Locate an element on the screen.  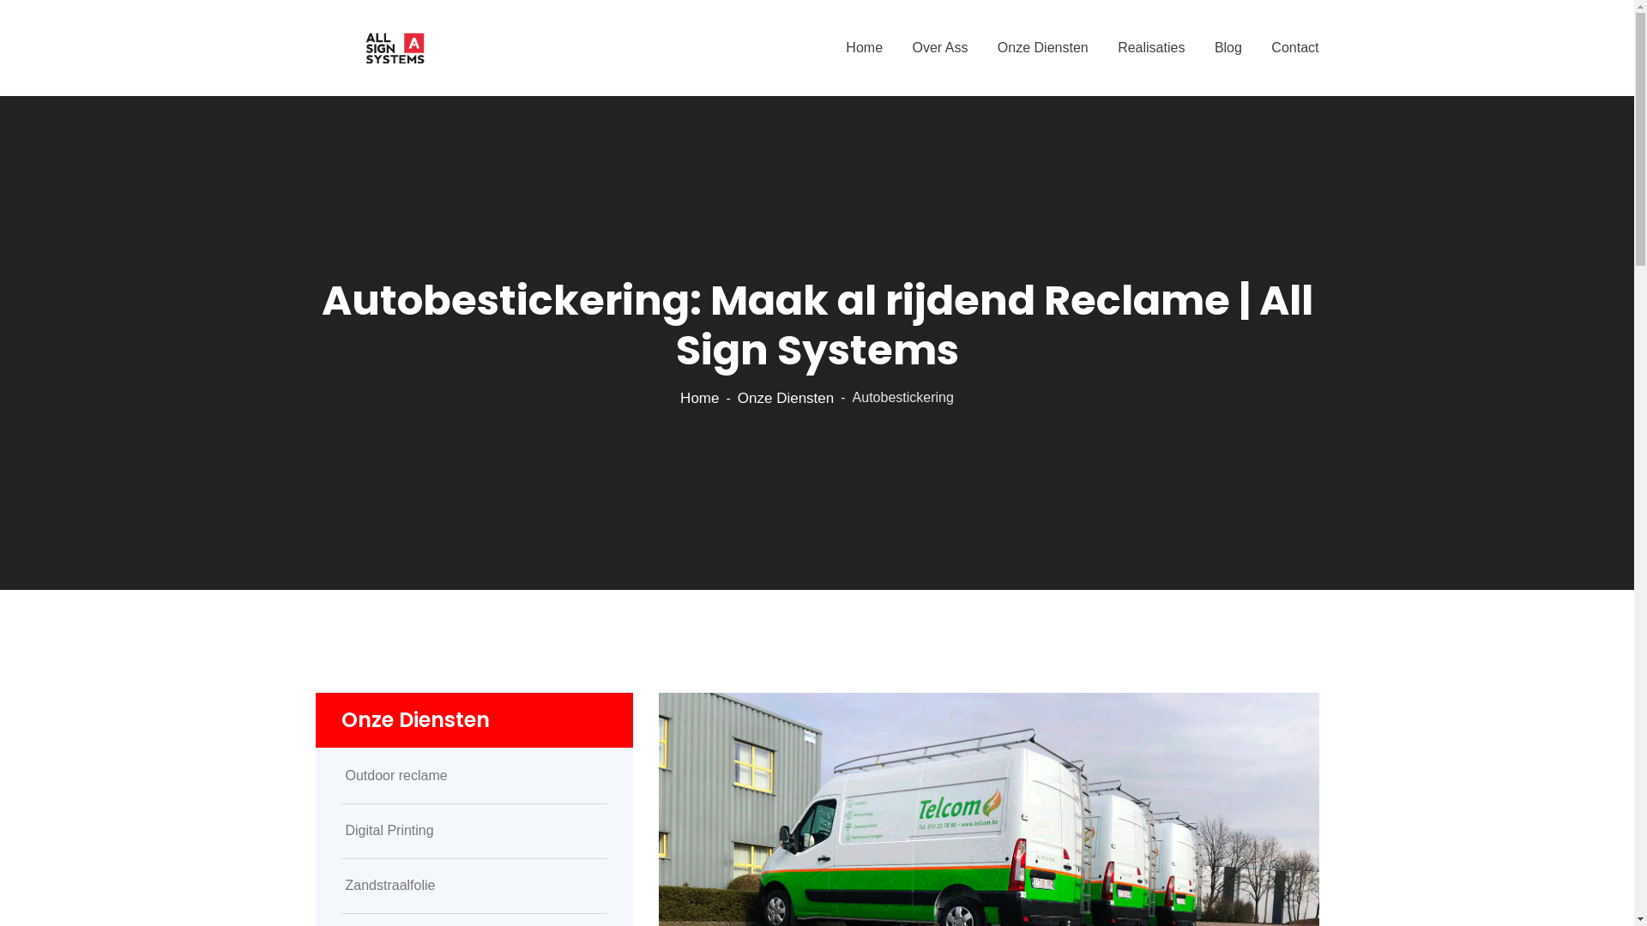
'Contact' is located at coordinates (1294, 47).